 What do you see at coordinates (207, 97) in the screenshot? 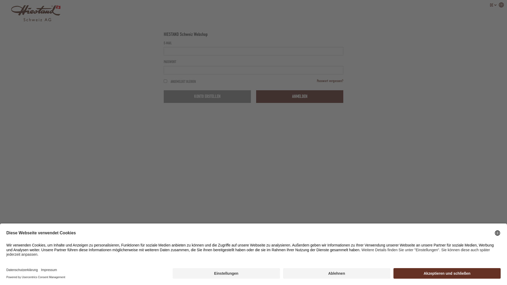
I see `'KONTO ERSTELLEN'` at bounding box center [207, 97].